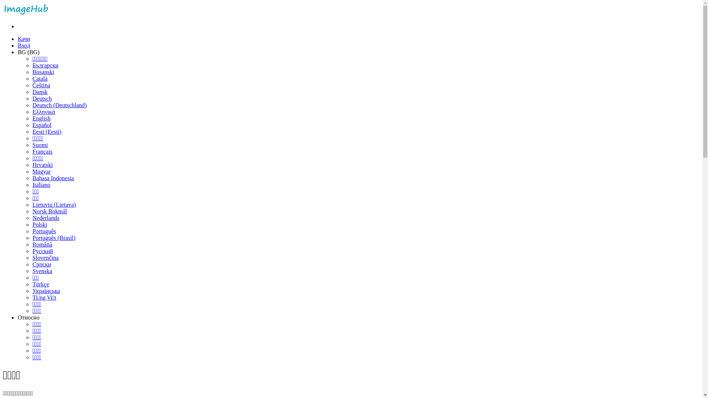 This screenshot has width=708, height=398. What do you see at coordinates (41, 184) in the screenshot?
I see `'Italiano'` at bounding box center [41, 184].